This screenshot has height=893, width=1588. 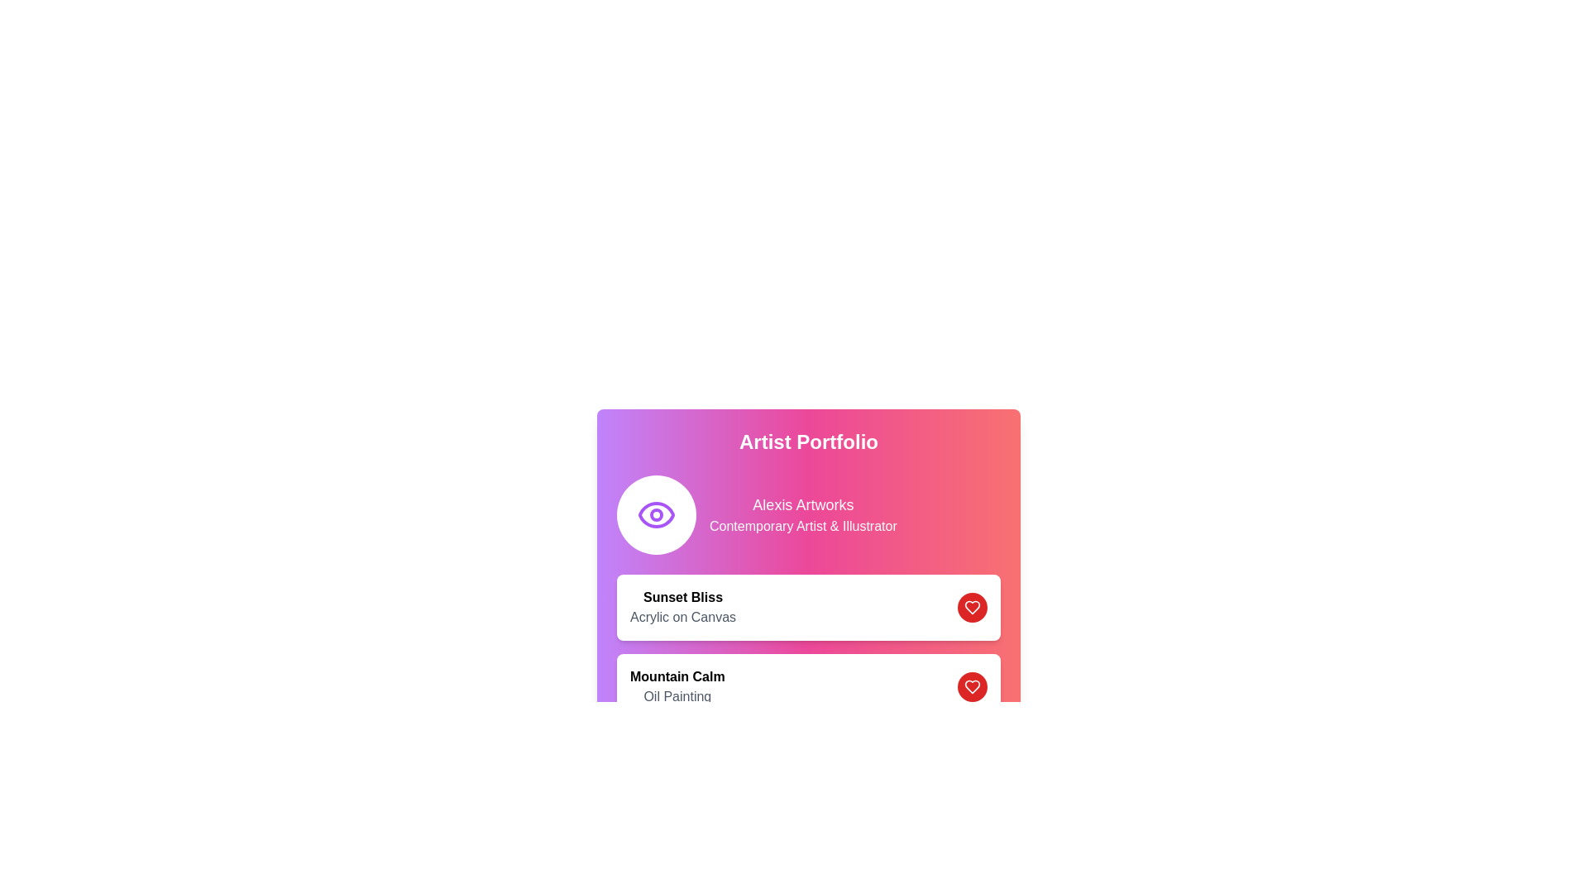 I want to click on the circular Vector Graphic element within the eye icon in the SVG, located next to the title 'Artist Portfolio', so click(x=655, y=514).